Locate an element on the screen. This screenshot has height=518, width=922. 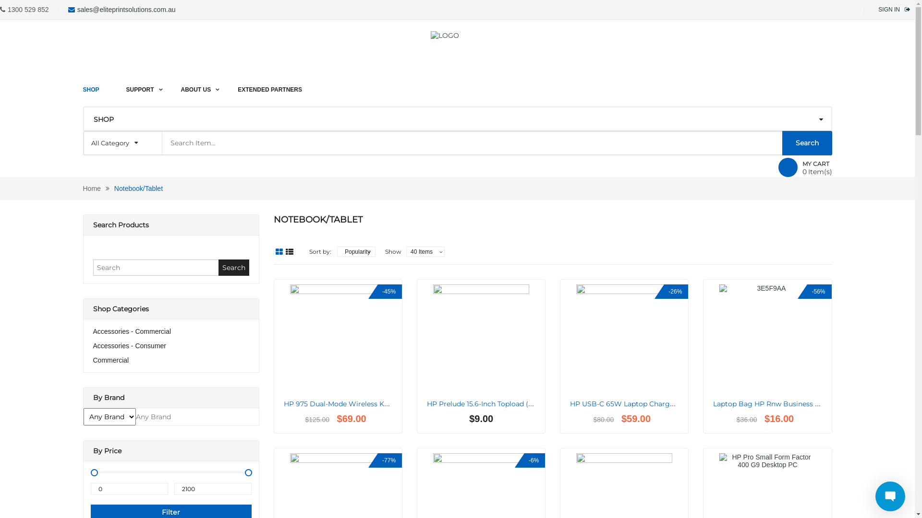
'Grid view' is located at coordinates (273, 251).